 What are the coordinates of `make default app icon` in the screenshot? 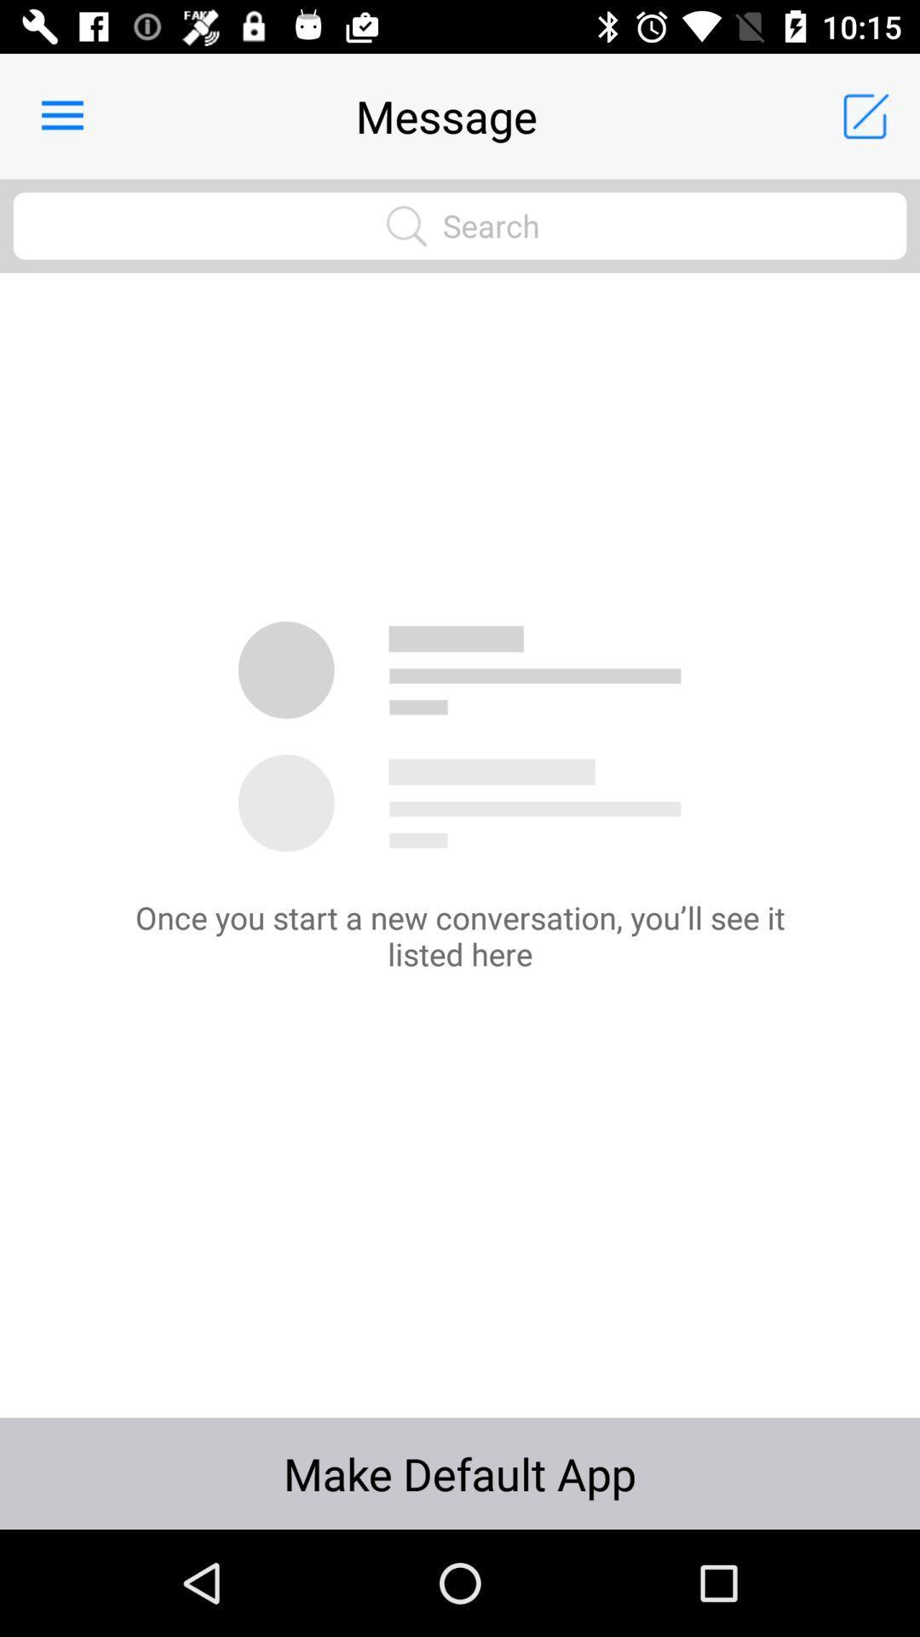 It's located at (460, 1472).